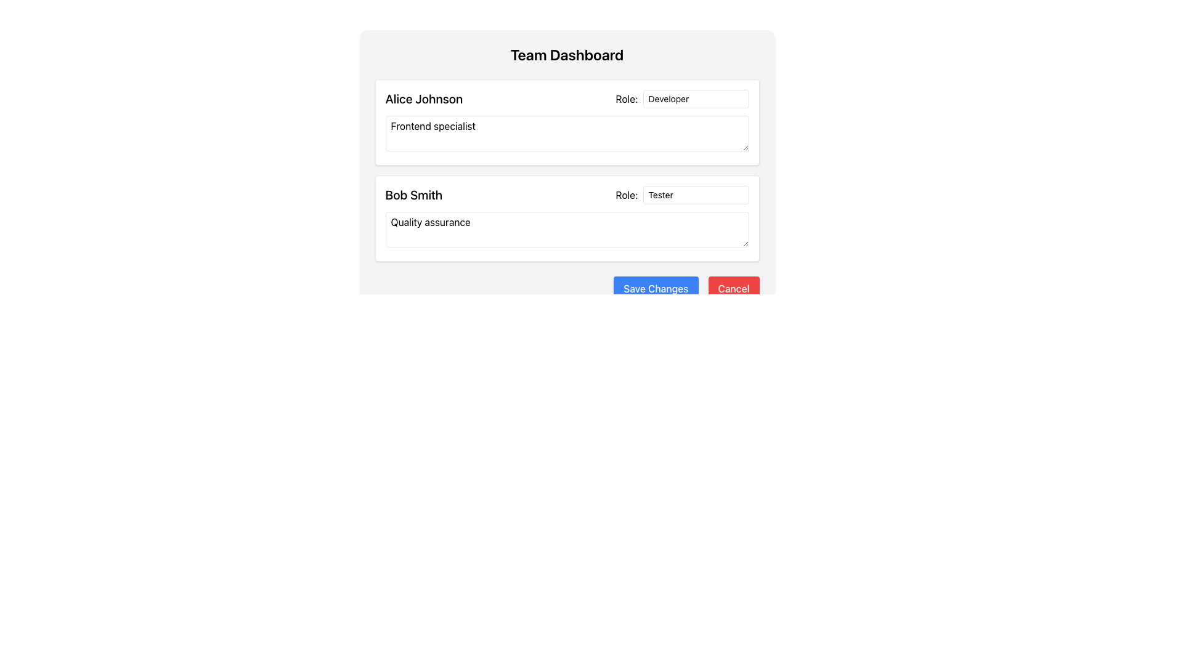 The width and height of the screenshot is (1183, 665). Describe the element at coordinates (566, 171) in the screenshot. I see `the List of user profiles, which displays team members' names, roles, and areas of expertise, located between the 'Team Dashboard' title and the 'Save Changes' and 'Cancel' buttons` at that location.